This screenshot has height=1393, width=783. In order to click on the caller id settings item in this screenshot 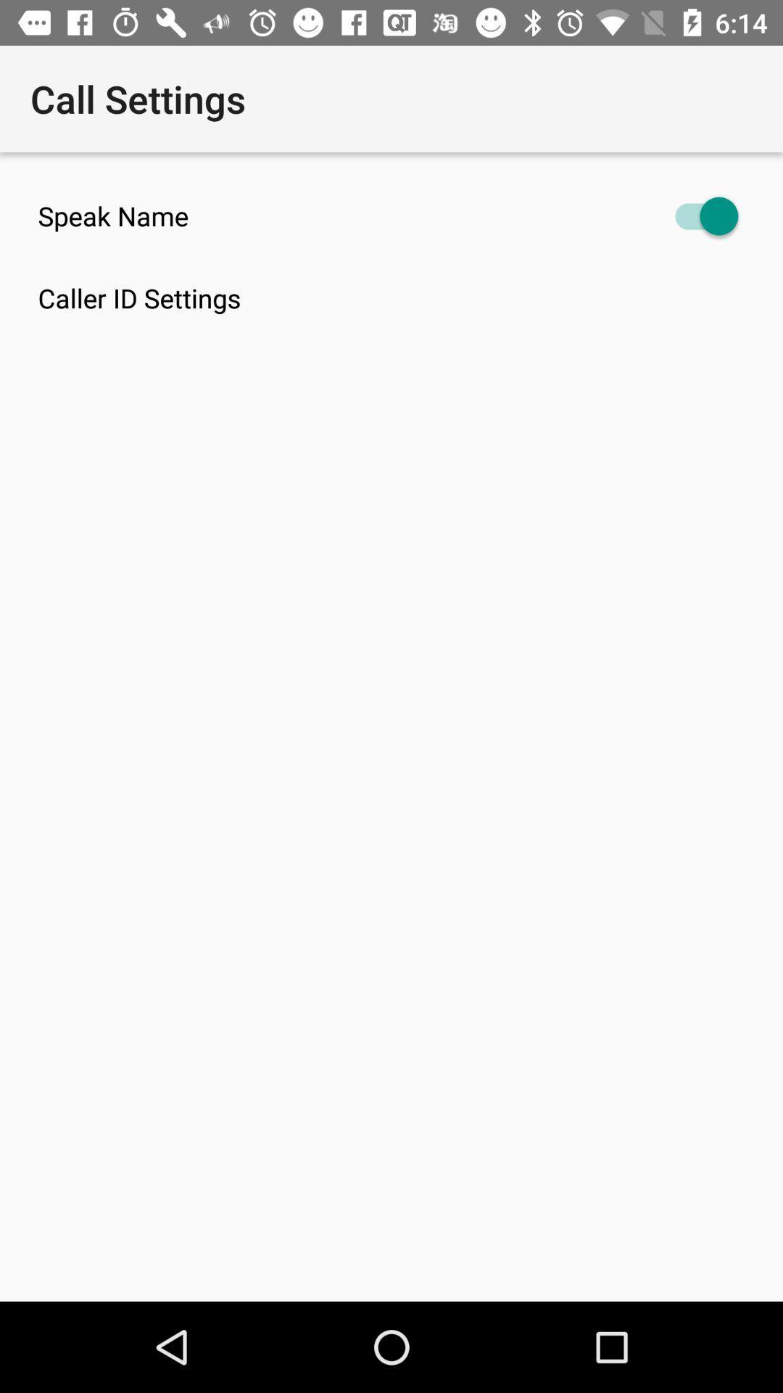, I will do `click(410, 297)`.